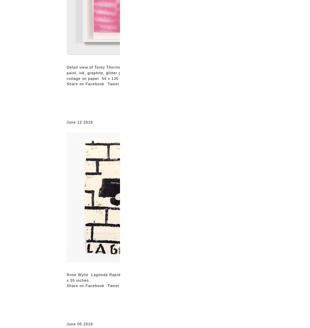 This screenshot has height=328, width=310. Describe the element at coordinates (80, 324) in the screenshot. I see `'June 05 2018'` at that location.